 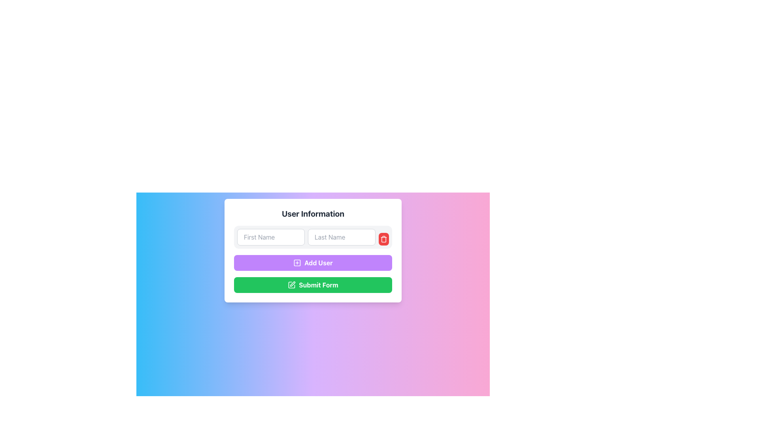 What do you see at coordinates (383, 239) in the screenshot?
I see `the small, square-shaped red button with a white trash can icon` at bounding box center [383, 239].